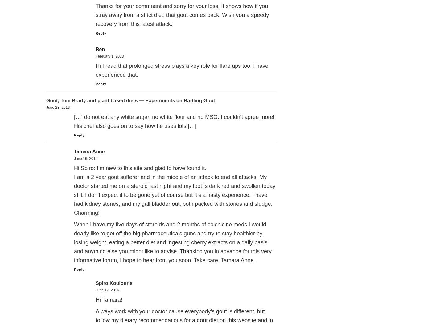 The image size is (444, 325). I want to click on 'June 17, 2016', so click(96, 290).